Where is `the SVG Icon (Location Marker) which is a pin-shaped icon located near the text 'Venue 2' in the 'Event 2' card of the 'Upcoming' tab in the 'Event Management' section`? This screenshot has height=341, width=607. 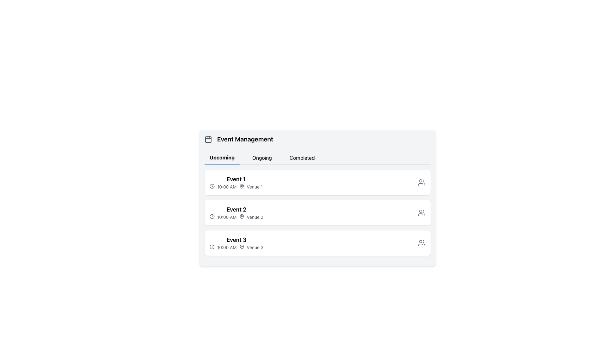 the SVG Icon (Location Marker) which is a pin-shaped icon located near the text 'Venue 2' in the 'Event 2' card of the 'Upcoming' tab in the 'Event Management' section is located at coordinates (241, 216).